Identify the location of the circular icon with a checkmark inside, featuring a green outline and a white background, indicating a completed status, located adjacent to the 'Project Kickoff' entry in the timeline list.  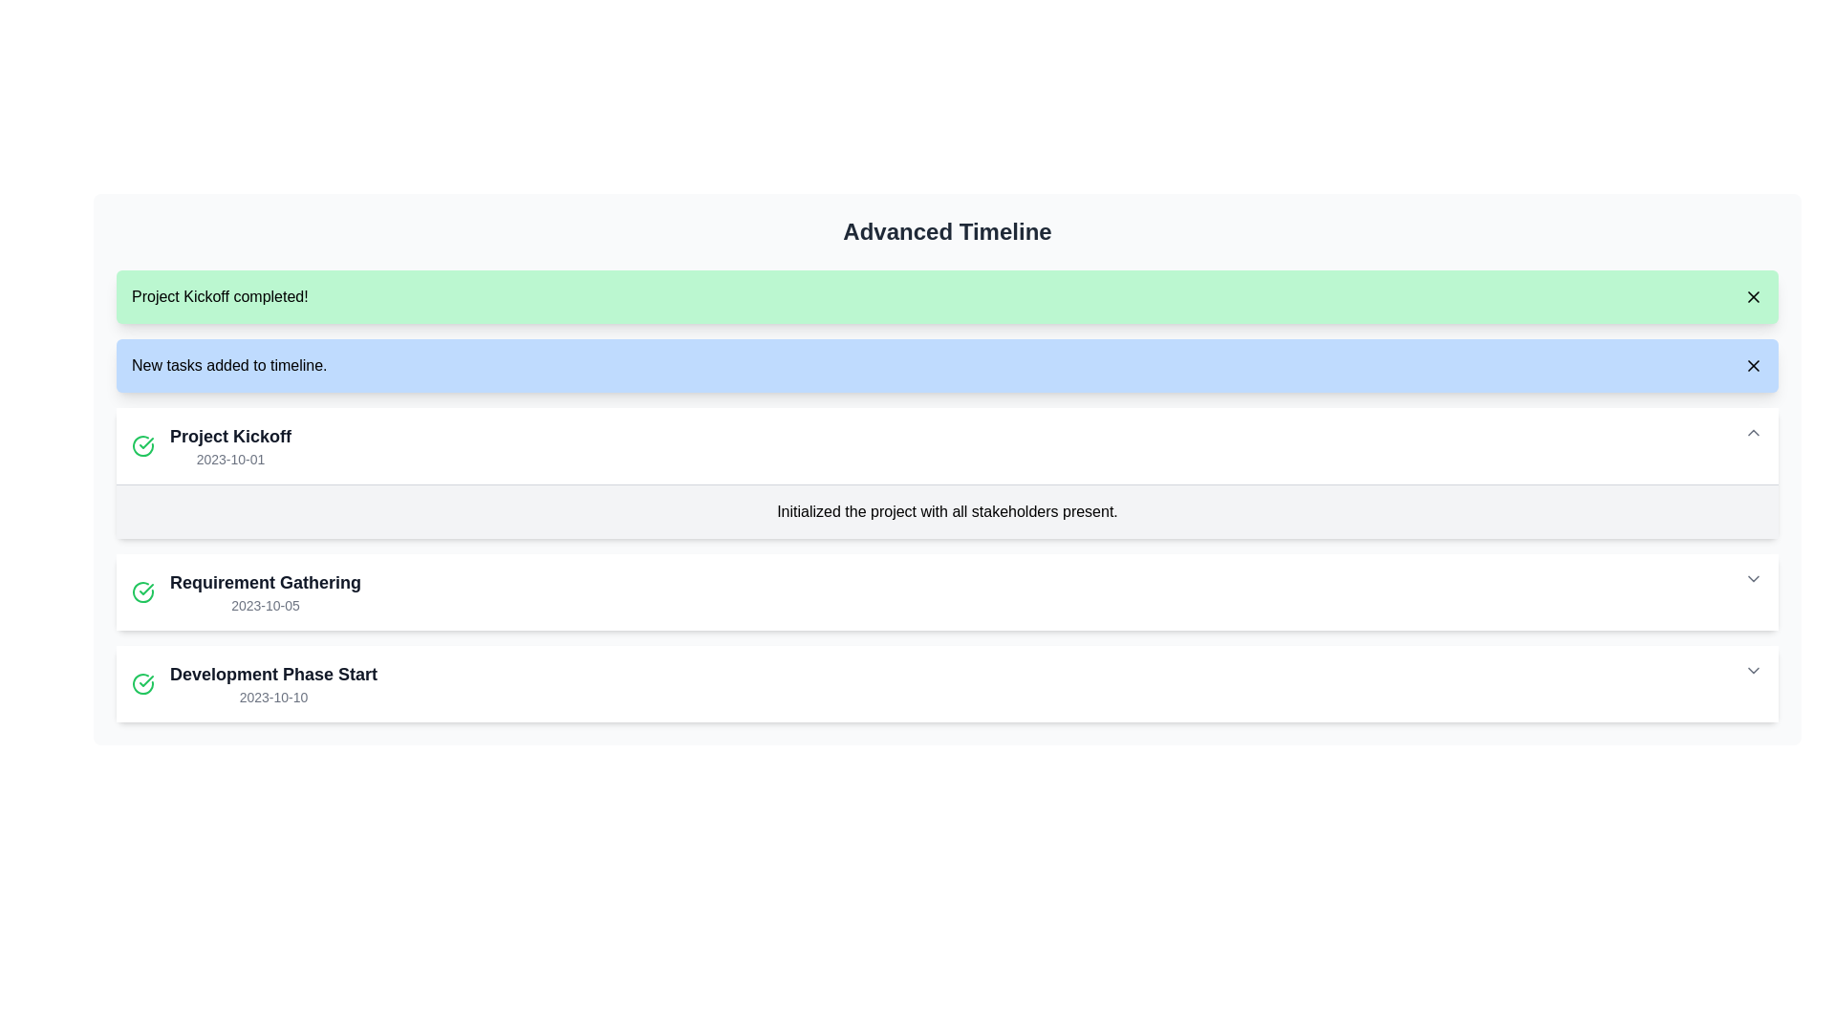
(141, 445).